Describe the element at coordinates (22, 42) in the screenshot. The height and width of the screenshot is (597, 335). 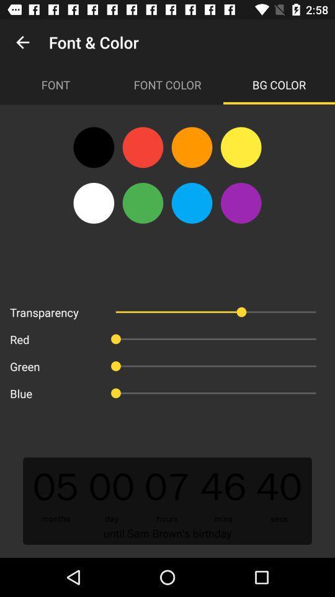
I see `app to the left of font & color icon` at that location.